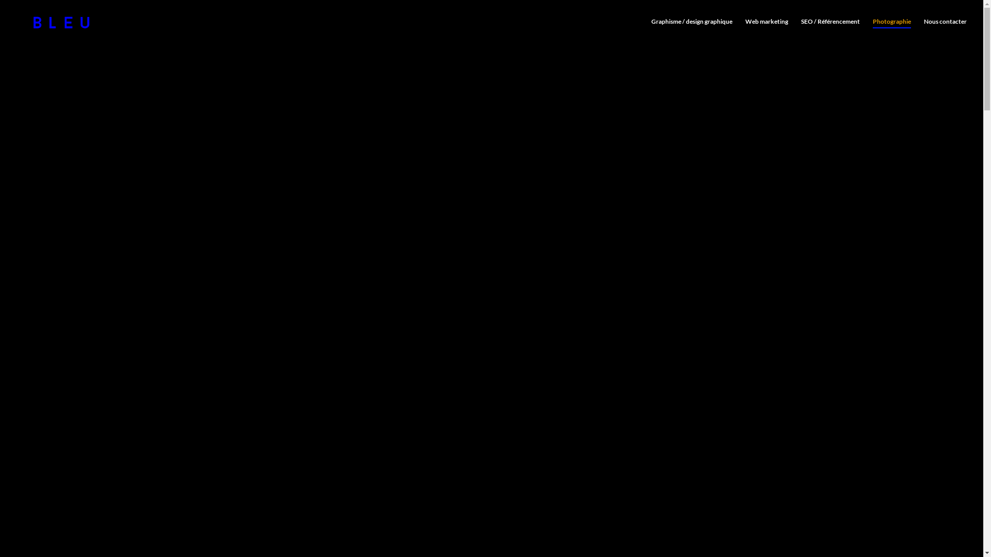 The width and height of the screenshot is (991, 557). What do you see at coordinates (766, 30) in the screenshot?
I see `'Web marketing'` at bounding box center [766, 30].